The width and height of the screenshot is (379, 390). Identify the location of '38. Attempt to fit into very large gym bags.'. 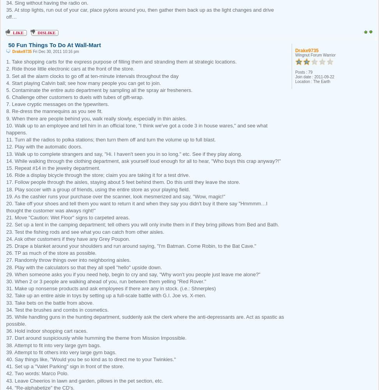
(6, 345).